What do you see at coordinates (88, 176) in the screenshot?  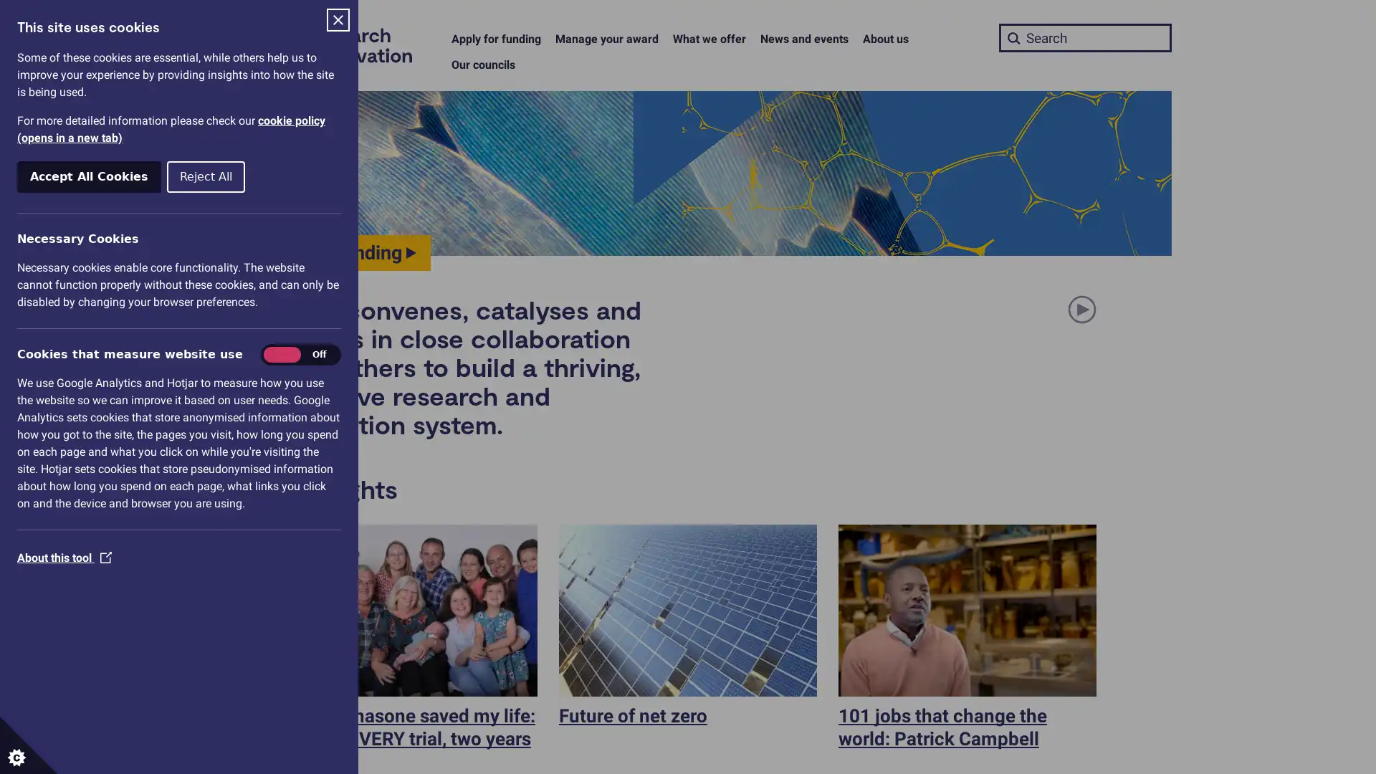 I see `Accept All Cookies` at bounding box center [88, 176].